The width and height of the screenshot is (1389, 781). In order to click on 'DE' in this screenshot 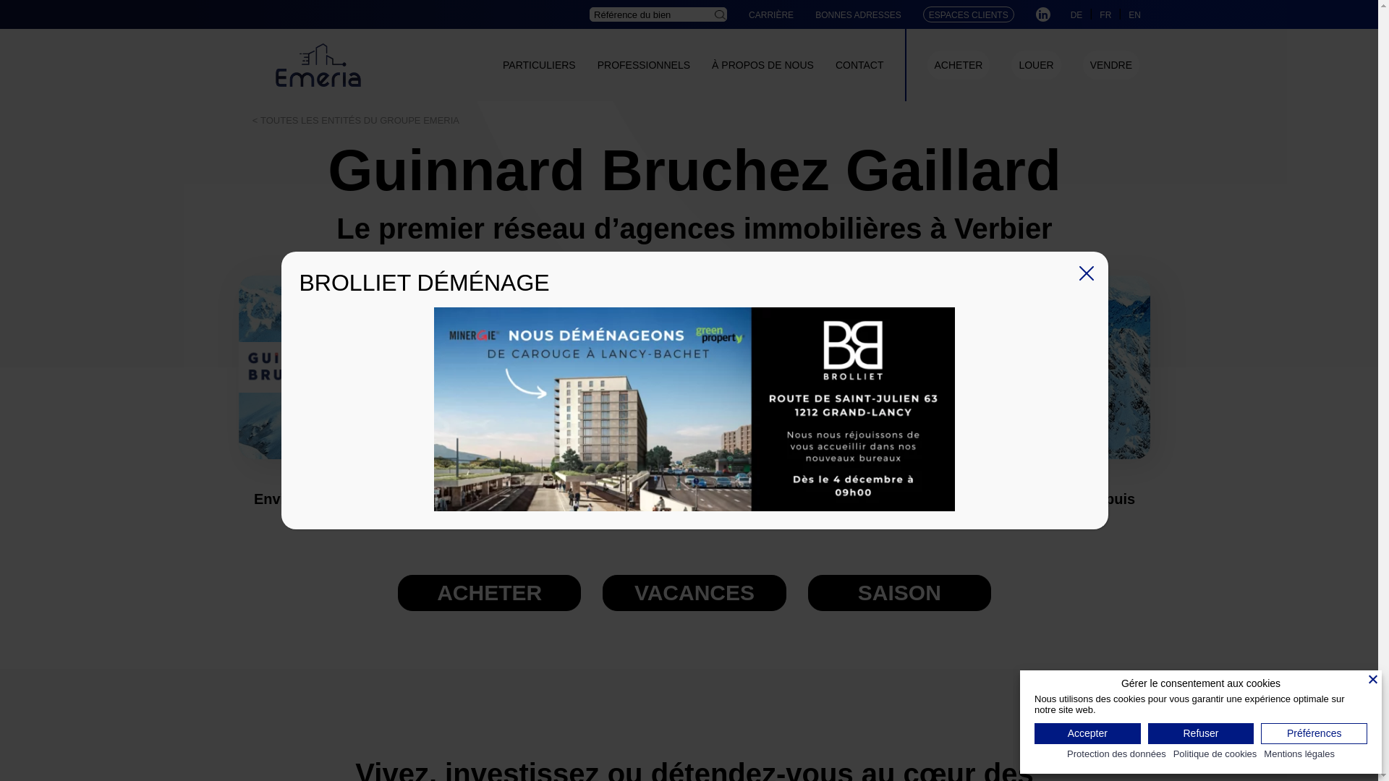, I will do `click(1070, 14)`.